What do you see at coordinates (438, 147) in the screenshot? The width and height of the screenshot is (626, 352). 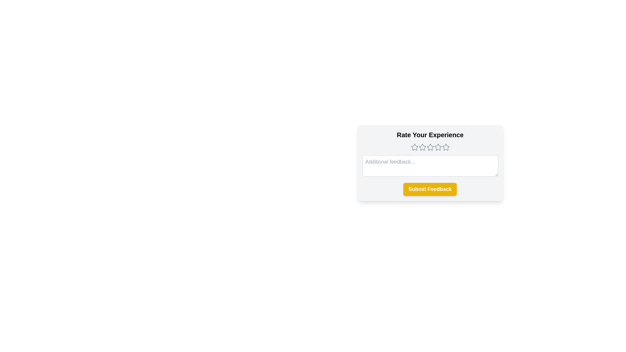 I see `the fourth interactive rating star icon` at bounding box center [438, 147].